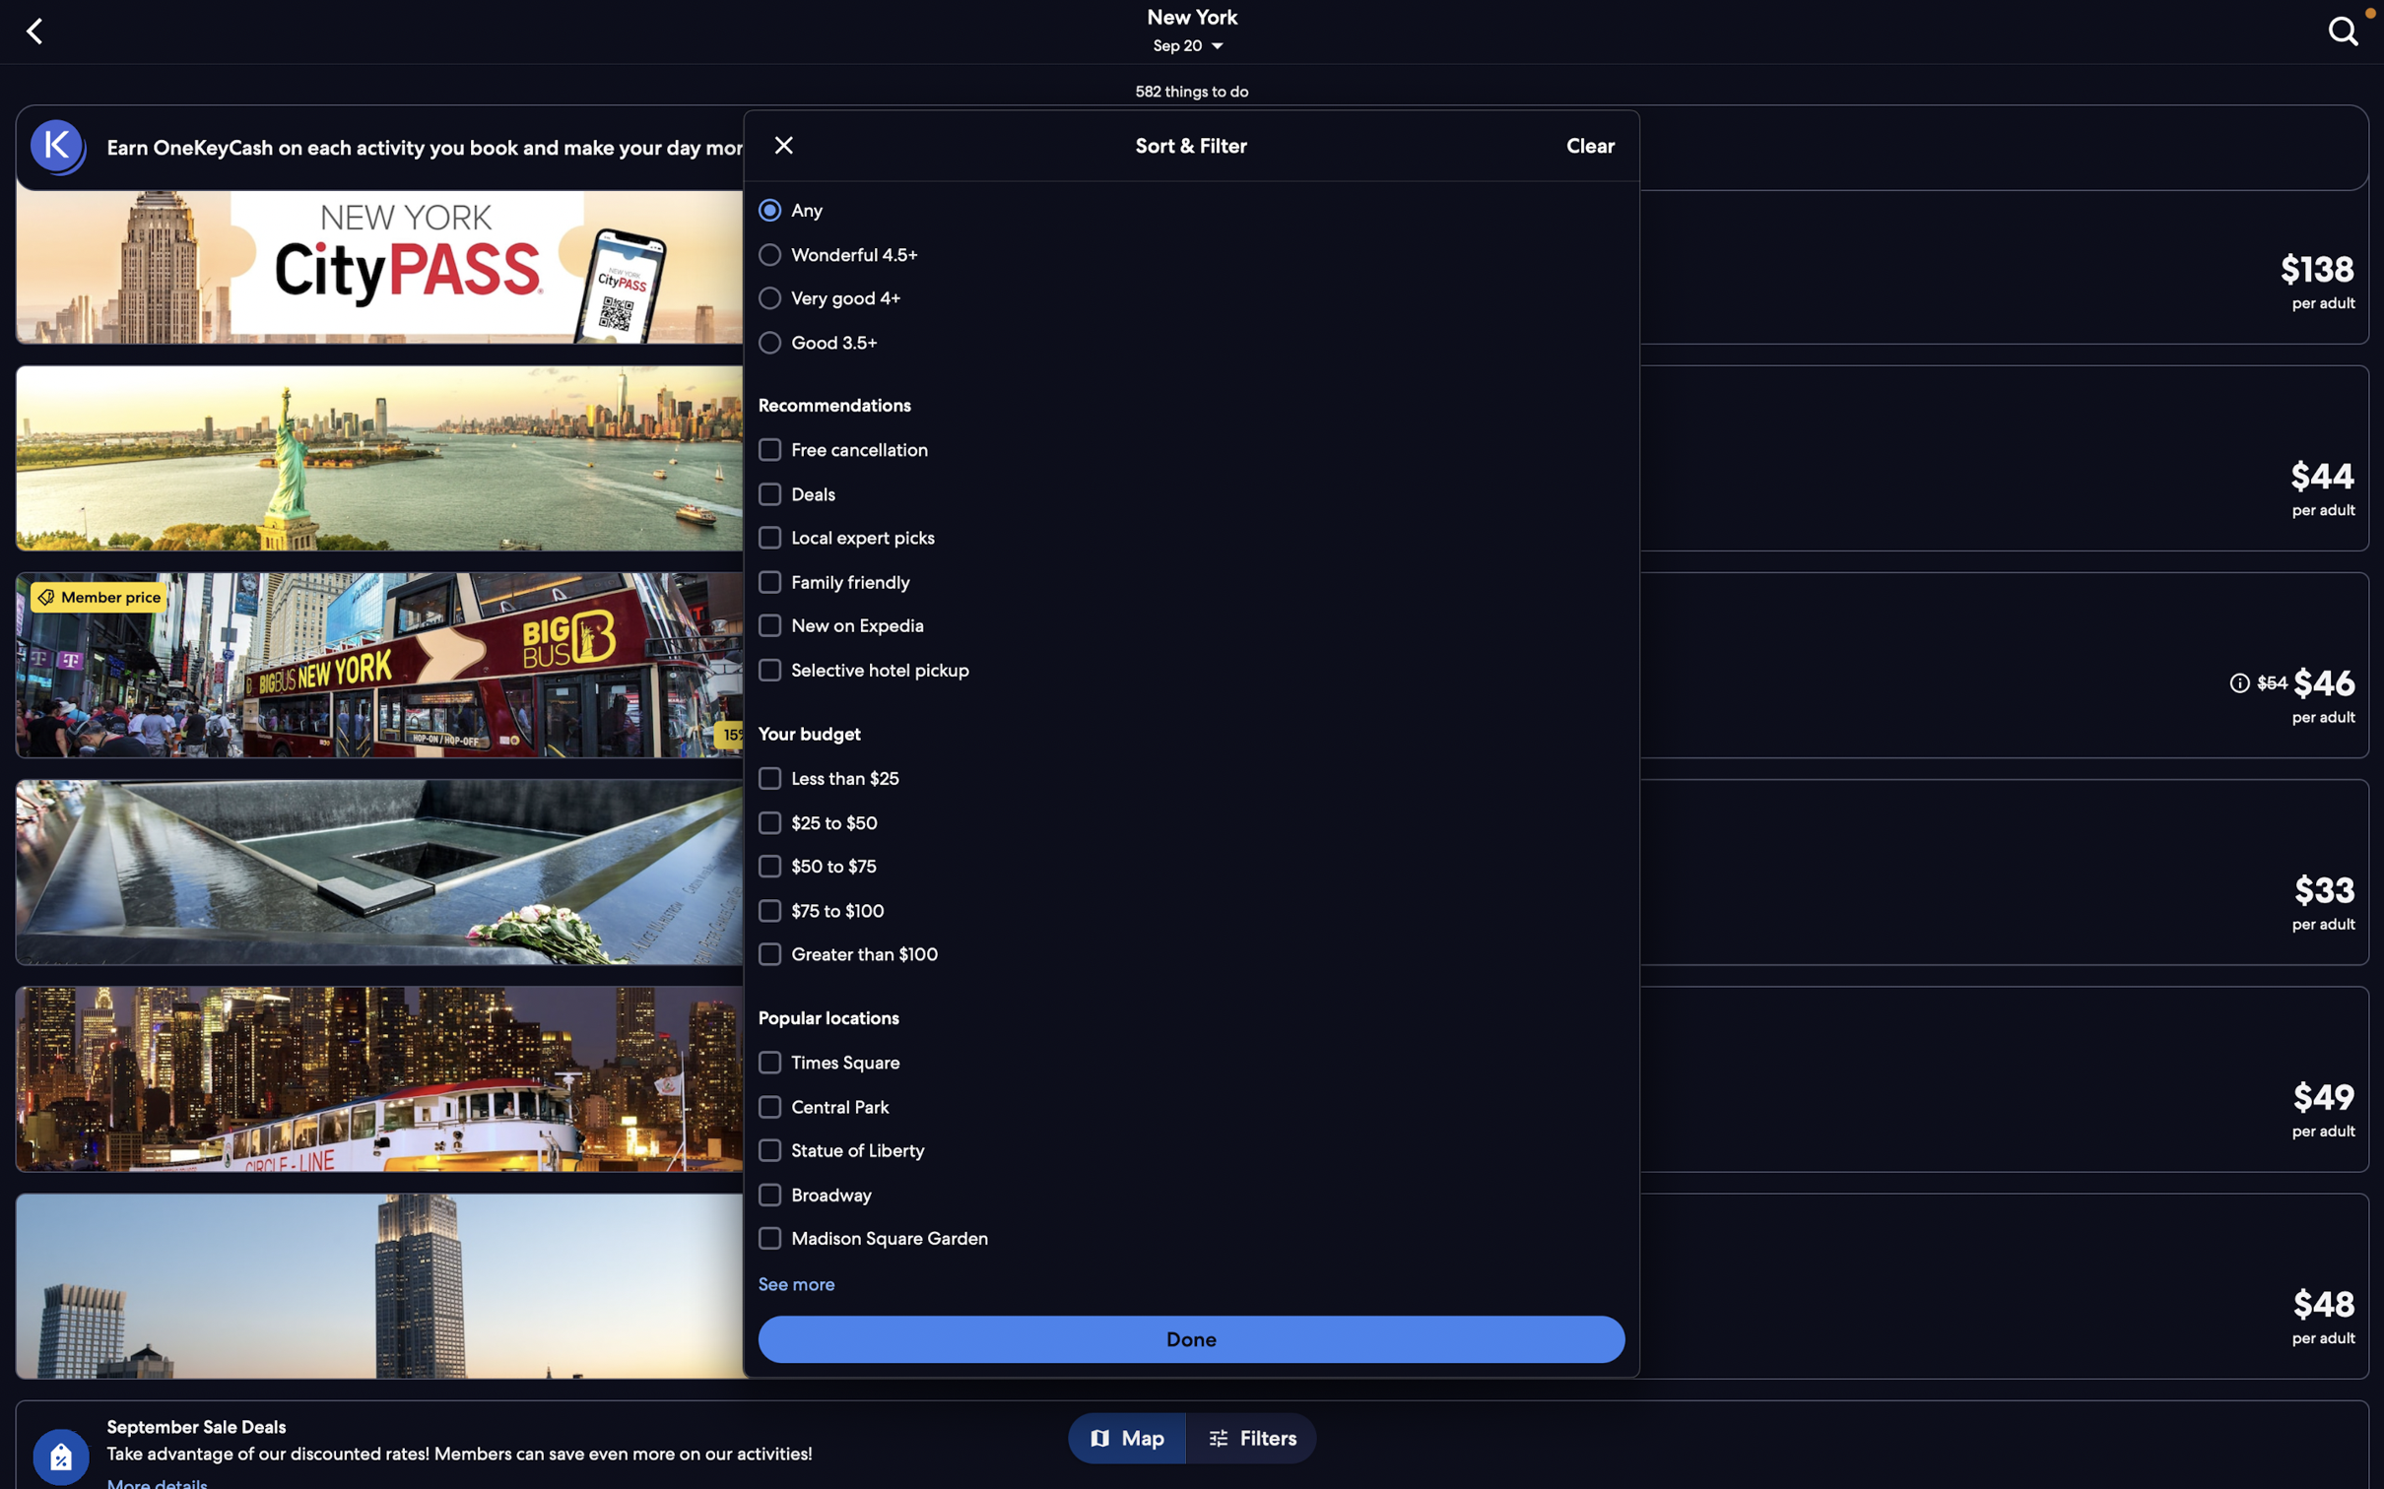 Image resolution: width=2384 pixels, height=1489 pixels. Describe the element at coordinates (1188, 298) in the screenshot. I see `Activate the "very good" and "family friendly" options` at that location.